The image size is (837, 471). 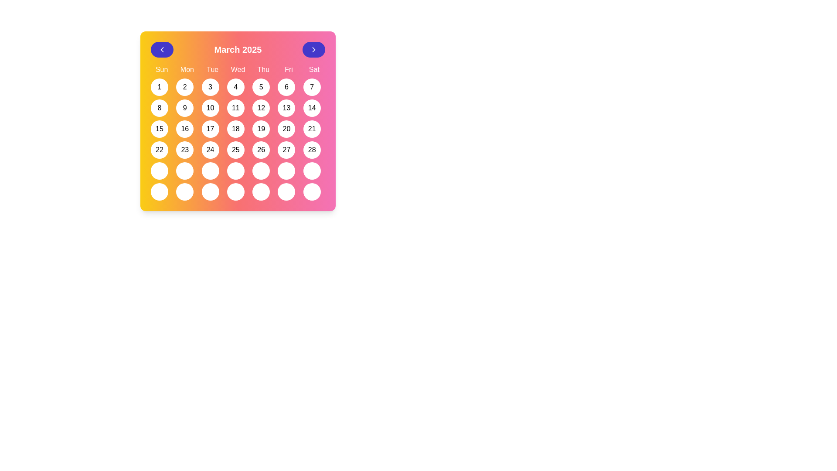 I want to click on the button representing the 14th day in the calendar view under the 'Sat' column, so click(x=312, y=107).